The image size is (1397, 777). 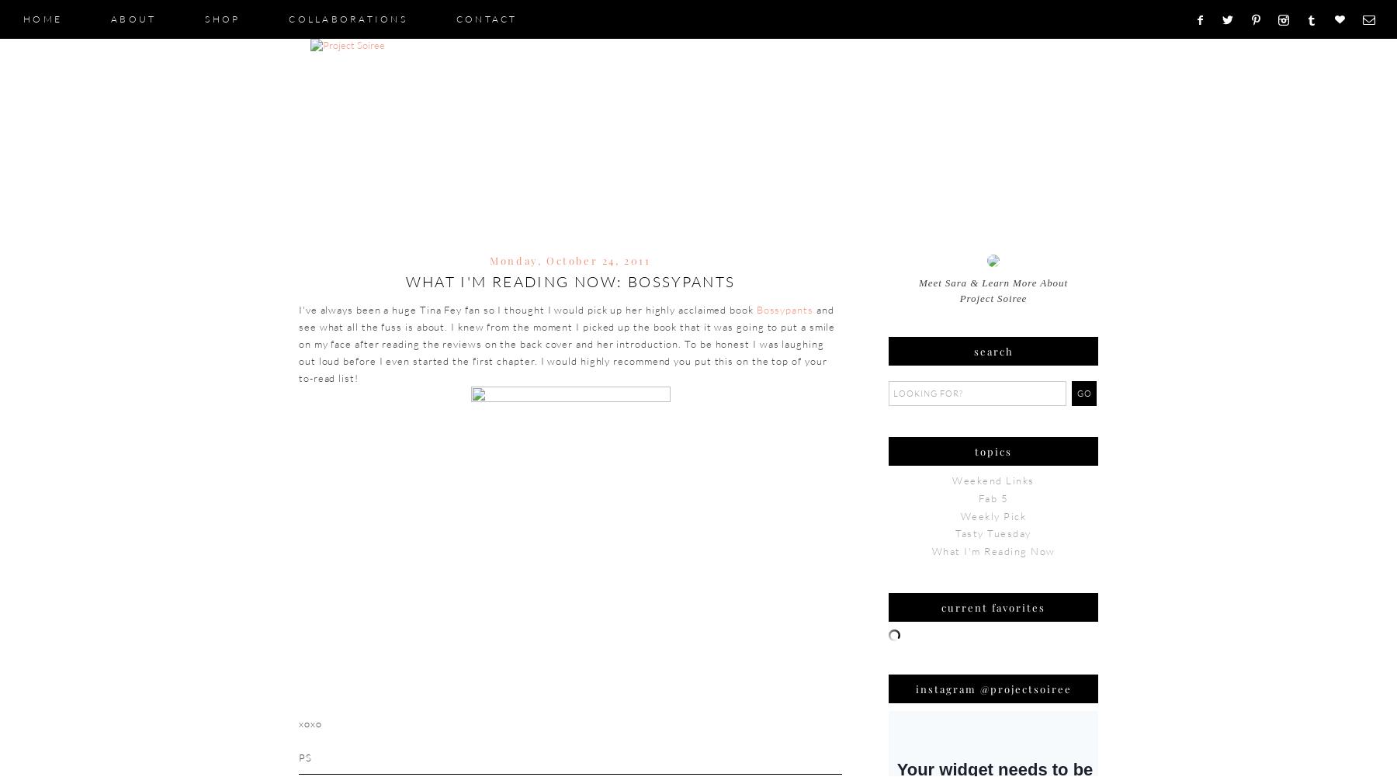 What do you see at coordinates (993, 351) in the screenshot?
I see `'SEARCH'` at bounding box center [993, 351].